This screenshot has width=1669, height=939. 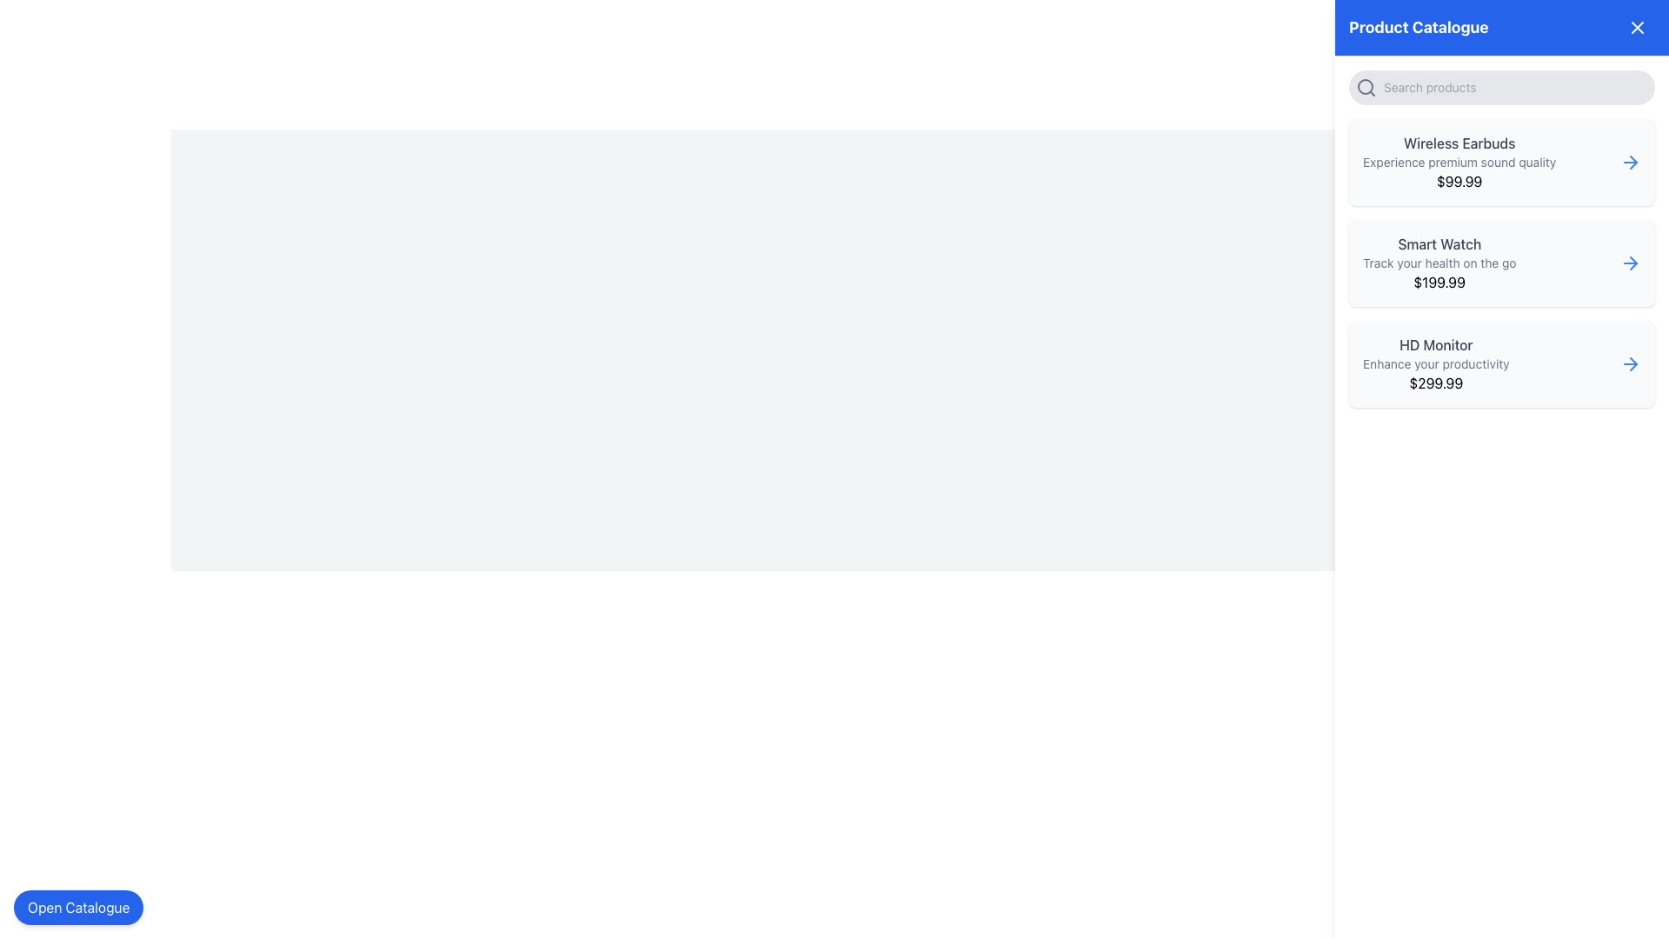 I want to click on the Close Button in the top-right corner of the 'Product Catalogue' panel, so click(x=1636, y=27).